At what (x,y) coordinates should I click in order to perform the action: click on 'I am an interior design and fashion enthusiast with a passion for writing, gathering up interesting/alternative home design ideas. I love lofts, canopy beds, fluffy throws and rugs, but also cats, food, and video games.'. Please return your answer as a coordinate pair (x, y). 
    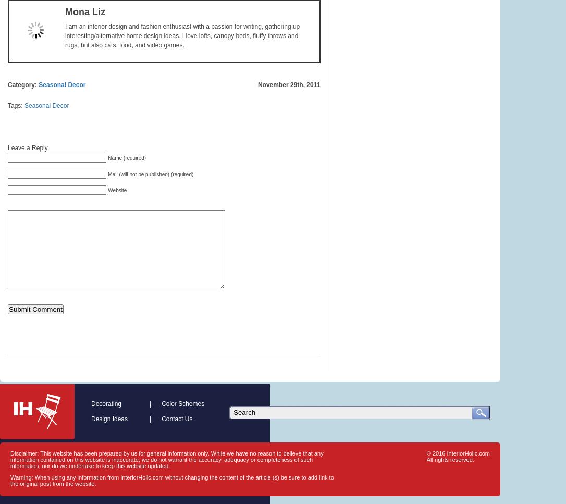
    Looking at the image, I should click on (182, 35).